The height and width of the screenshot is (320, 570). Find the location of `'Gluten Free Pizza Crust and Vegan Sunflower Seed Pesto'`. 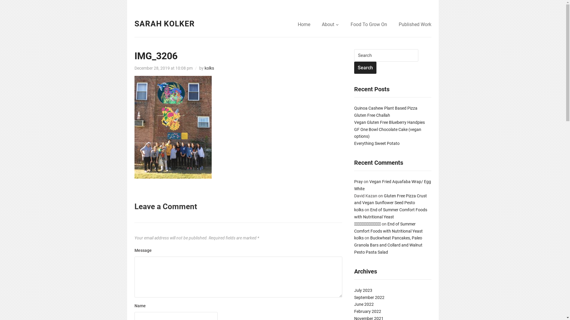

'Gluten Free Pizza Crust and Vegan Sunflower Seed Pesto' is located at coordinates (390, 199).